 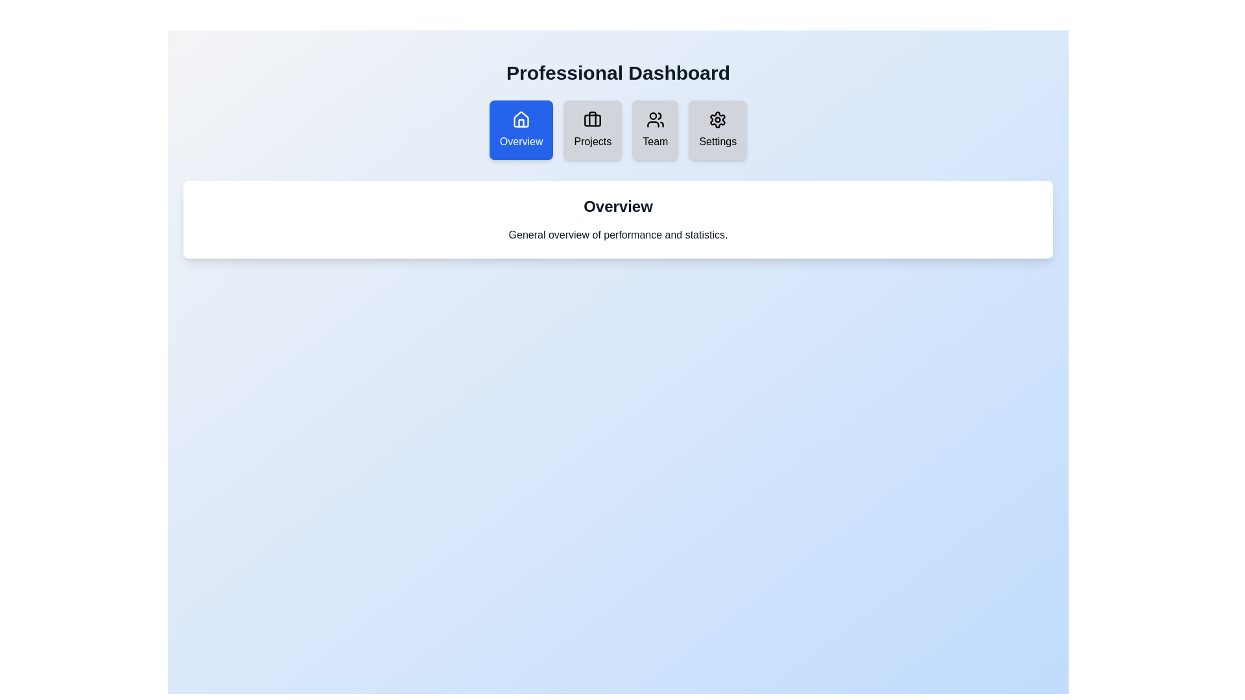 I want to click on the Overview tab by clicking on it, so click(x=521, y=130).